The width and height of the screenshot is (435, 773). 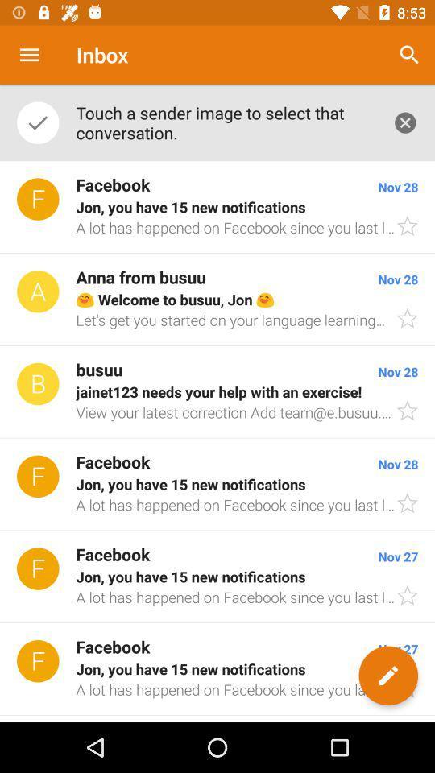 I want to click on touch a sender, so click(x=225, y=122).